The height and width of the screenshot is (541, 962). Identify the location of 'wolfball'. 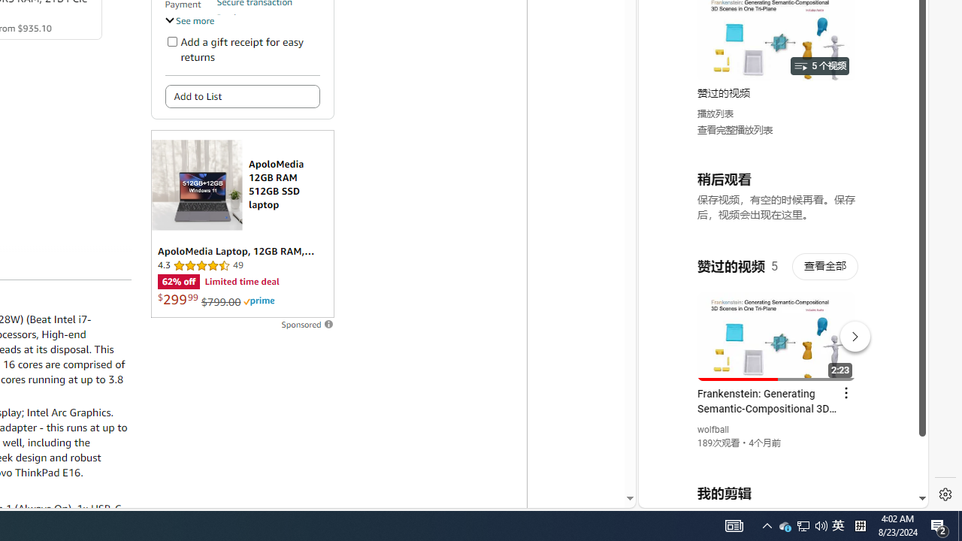
(712, 430).